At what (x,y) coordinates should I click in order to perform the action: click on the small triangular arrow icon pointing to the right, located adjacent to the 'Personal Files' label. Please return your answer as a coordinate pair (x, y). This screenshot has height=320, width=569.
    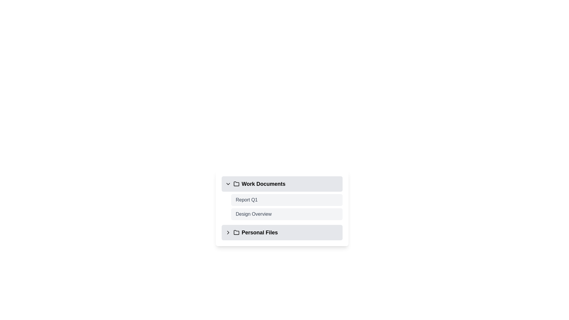
    Looking at the image, I should click on (228, 232).